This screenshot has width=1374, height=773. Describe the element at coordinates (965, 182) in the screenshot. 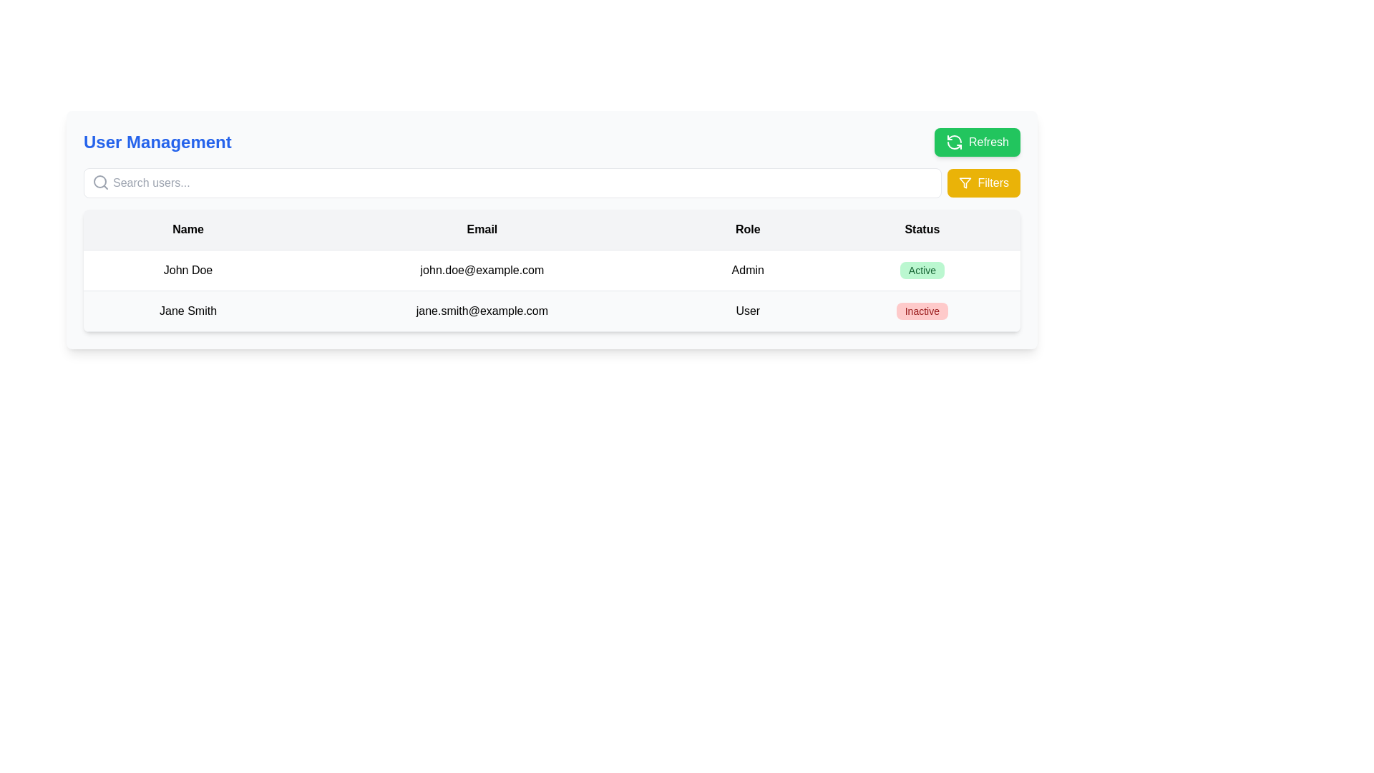

I see `the small, triangular-shaped filter icon next to the word 'Filters' within the yellow button` at that location.